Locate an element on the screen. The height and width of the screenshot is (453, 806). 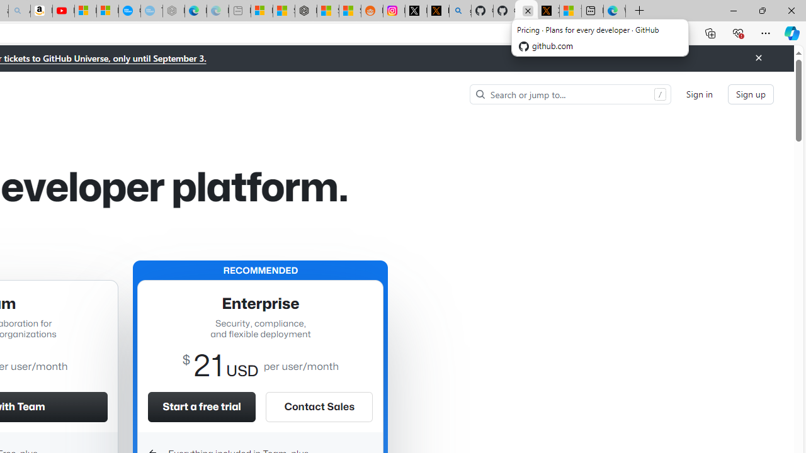
'Day 1: Arriving in Yemen (surreal to be here) - YouTube' is located at coordinates (63, 11).